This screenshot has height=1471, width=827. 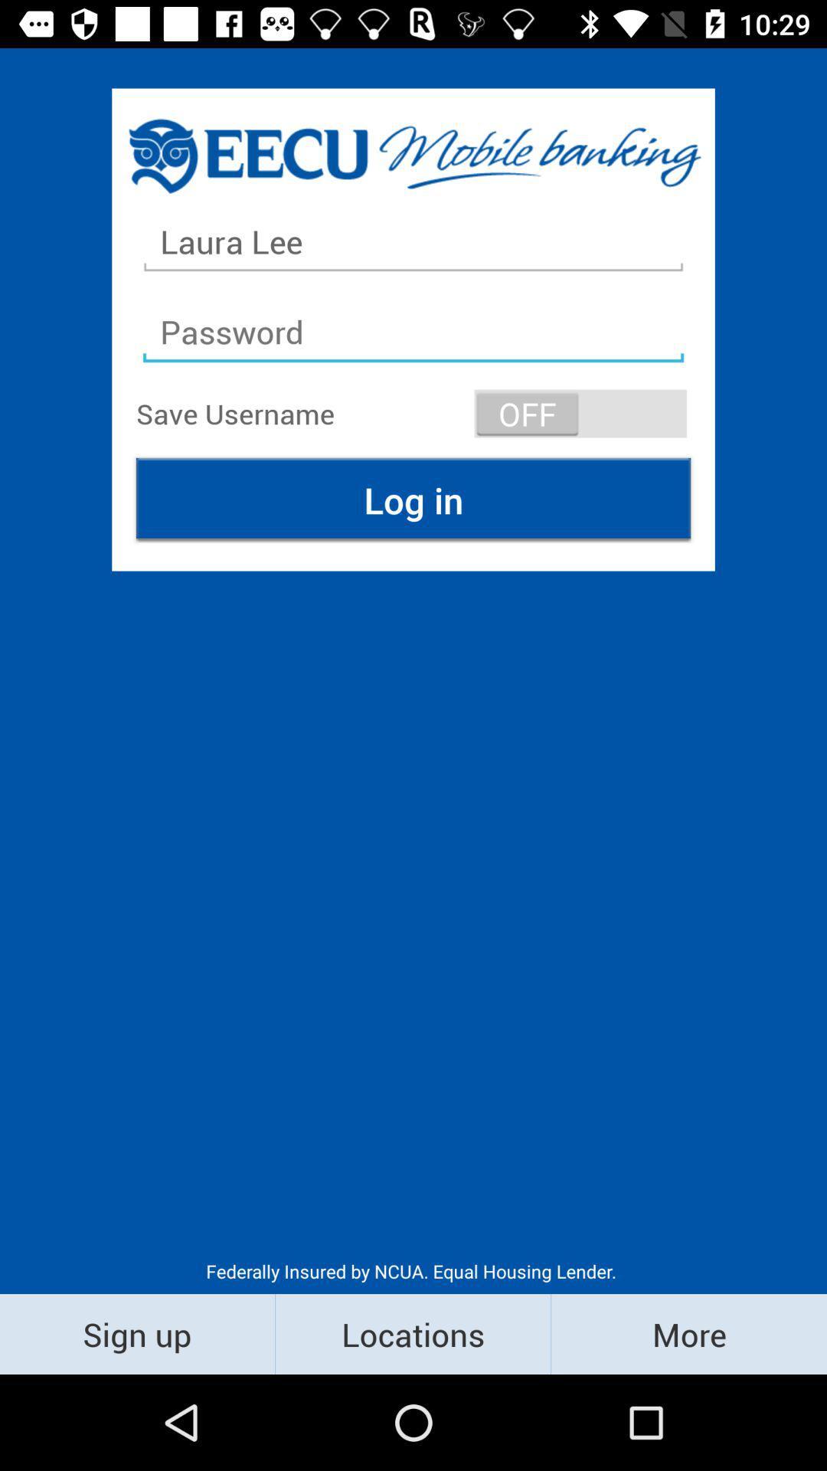 I want to click on the laura lee, so click(x=413, y=241).